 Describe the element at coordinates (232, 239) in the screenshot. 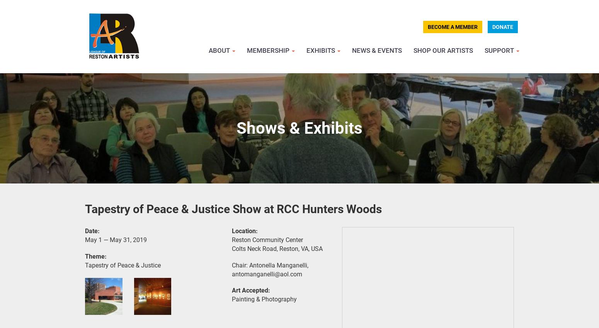

I see `'Reston Community Center'` at that location.